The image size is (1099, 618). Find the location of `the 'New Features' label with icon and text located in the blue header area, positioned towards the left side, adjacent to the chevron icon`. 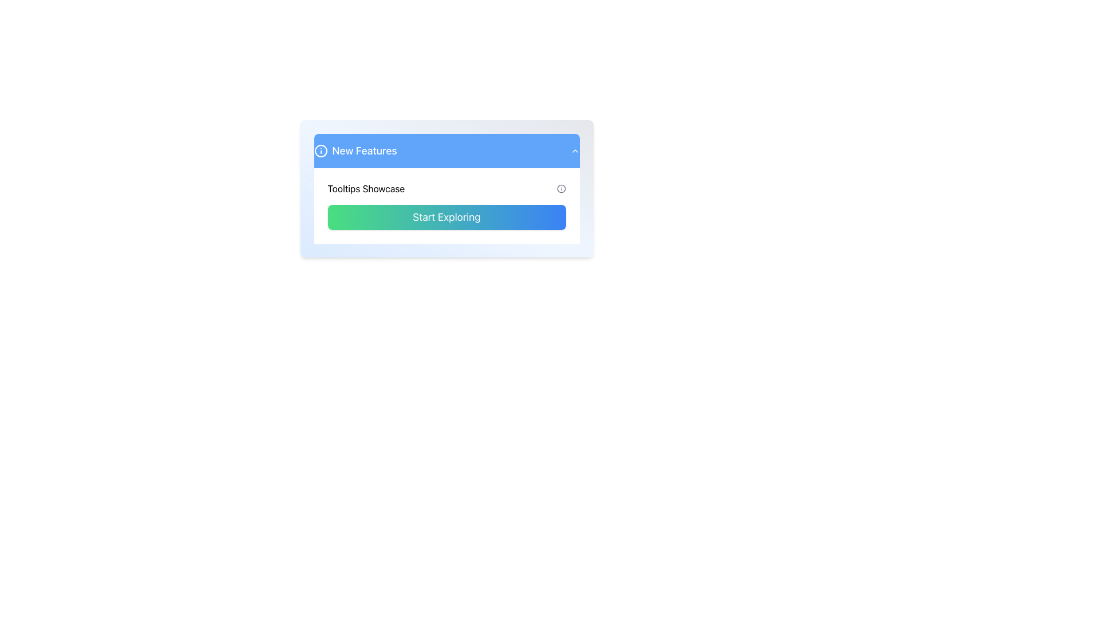

the 'New Features' label with icon and text located in the blue header area, positioned towards the left side, adjacent to the chevron icon is located at coordinates (355, 150).